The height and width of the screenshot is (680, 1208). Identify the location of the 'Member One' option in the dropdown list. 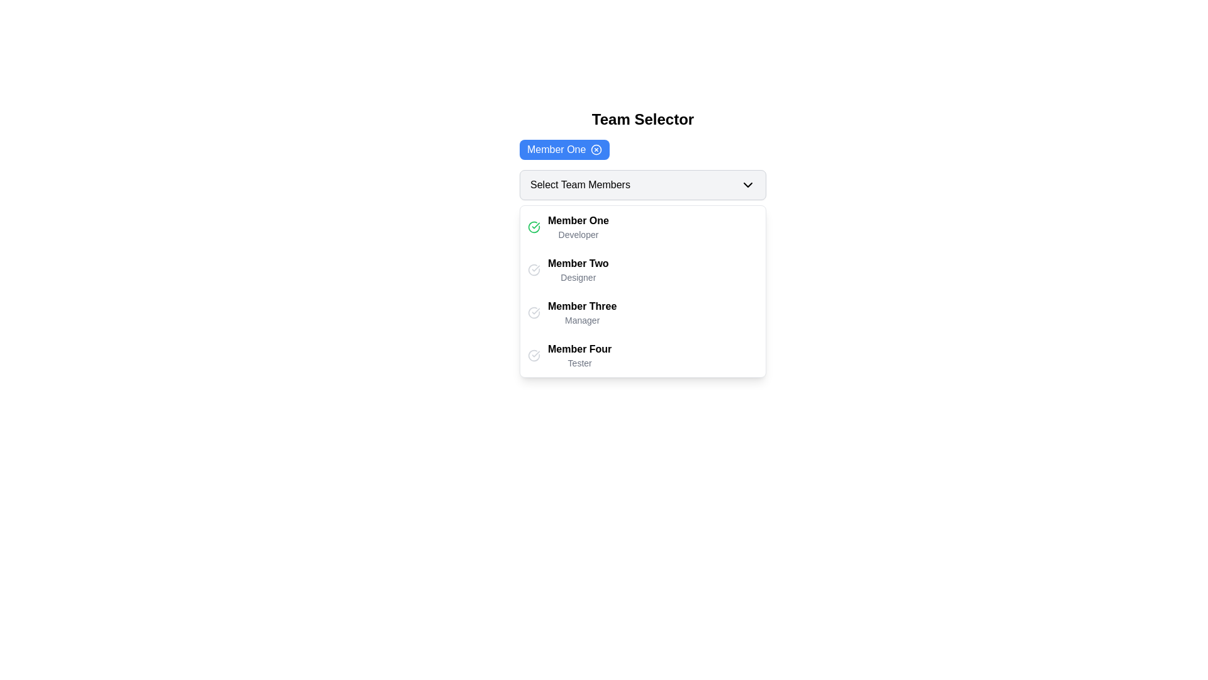
(578, 227).